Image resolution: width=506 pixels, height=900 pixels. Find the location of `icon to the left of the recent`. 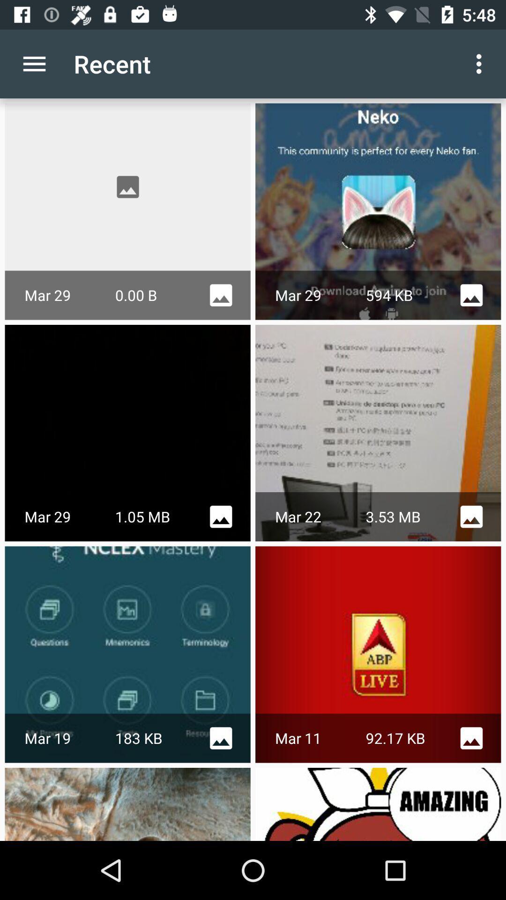

icon to the left of the recent is located at coordinates (34, 63).